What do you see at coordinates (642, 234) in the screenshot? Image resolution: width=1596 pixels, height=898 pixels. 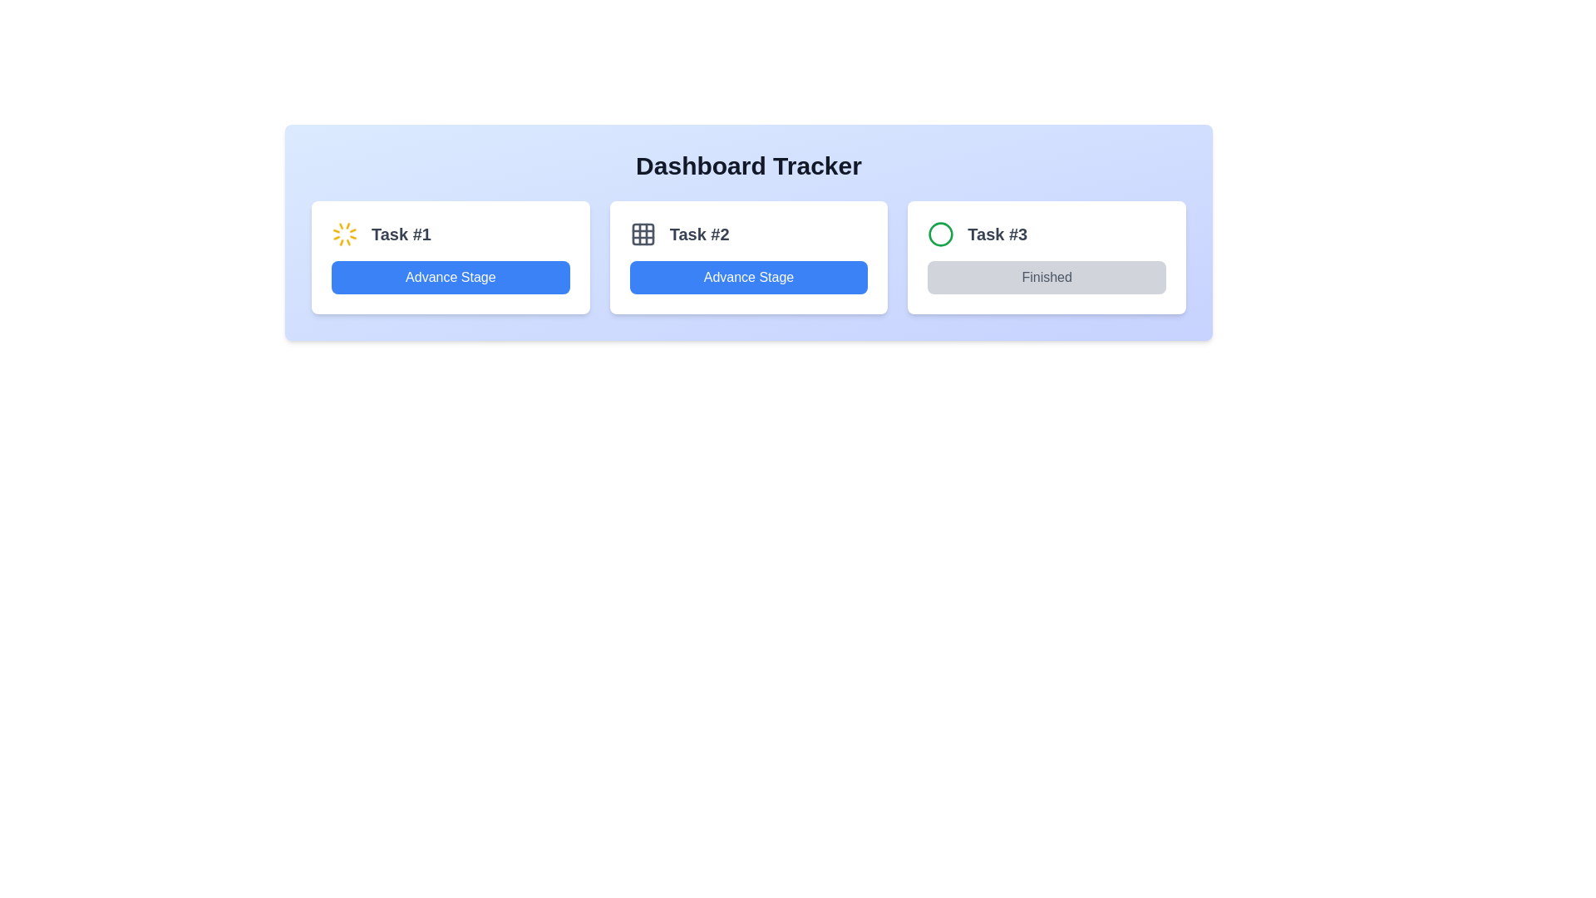 I see `the icon representing 'Task #2' located within the task card, which is the leftmost component in the top row next to the text 'Task #2'` at bounding box center [642, 234].